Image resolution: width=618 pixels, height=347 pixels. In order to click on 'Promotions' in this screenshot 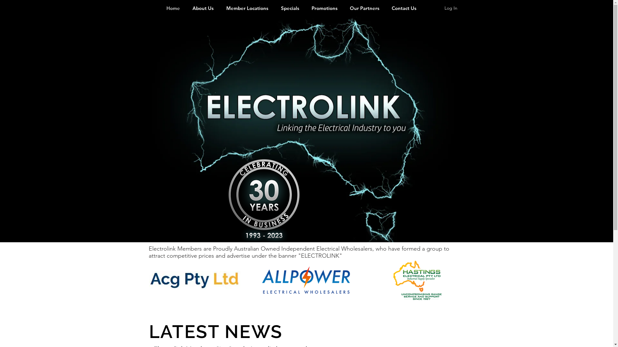, I will do `click(324, 8)`.